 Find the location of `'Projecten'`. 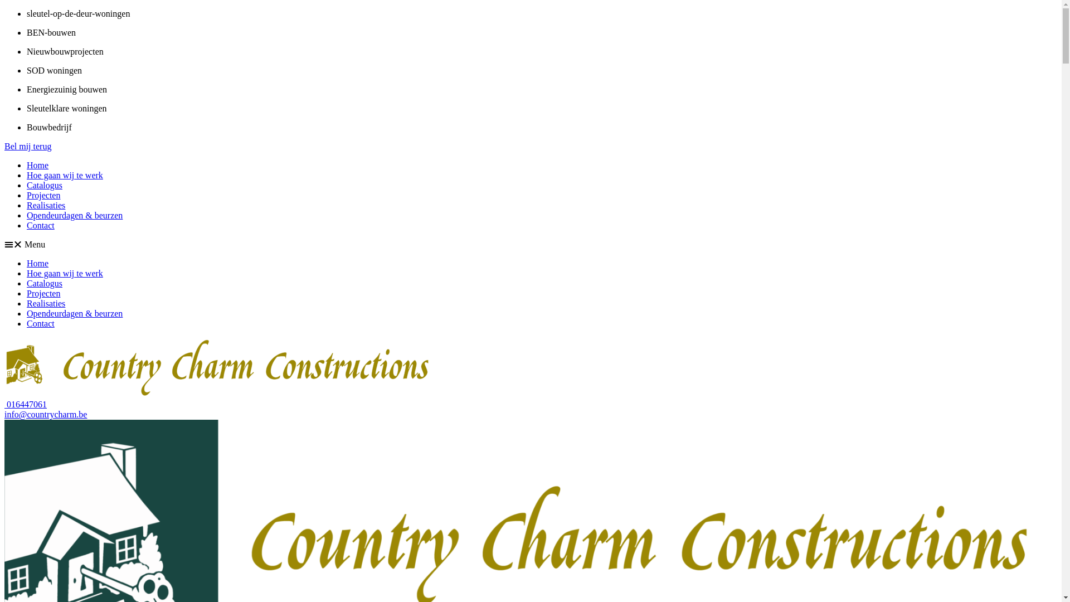

'Projecten' is located at coordinates (43, 195).